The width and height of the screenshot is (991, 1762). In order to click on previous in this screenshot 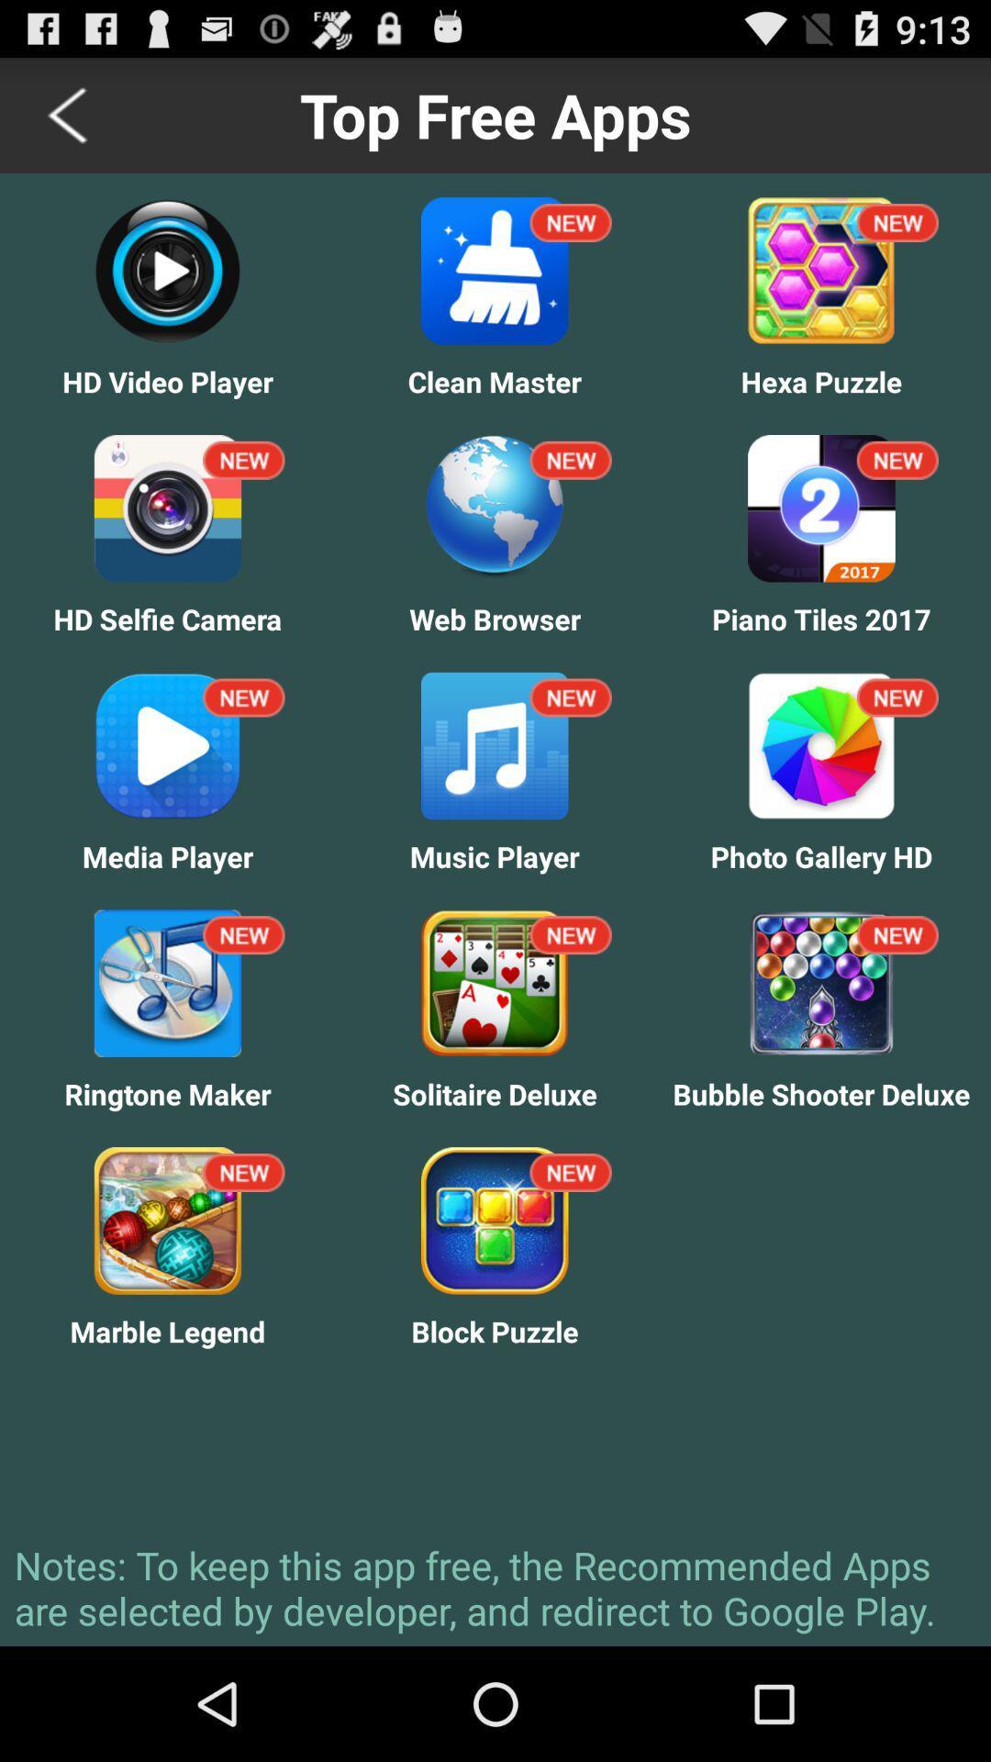, I will do `click(69, 114)`.